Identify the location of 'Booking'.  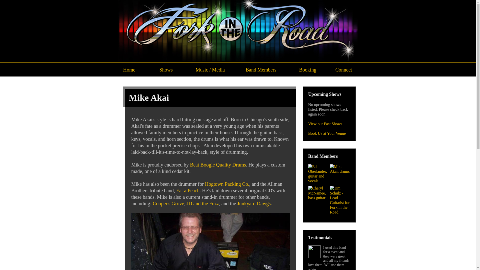
(312, 69).